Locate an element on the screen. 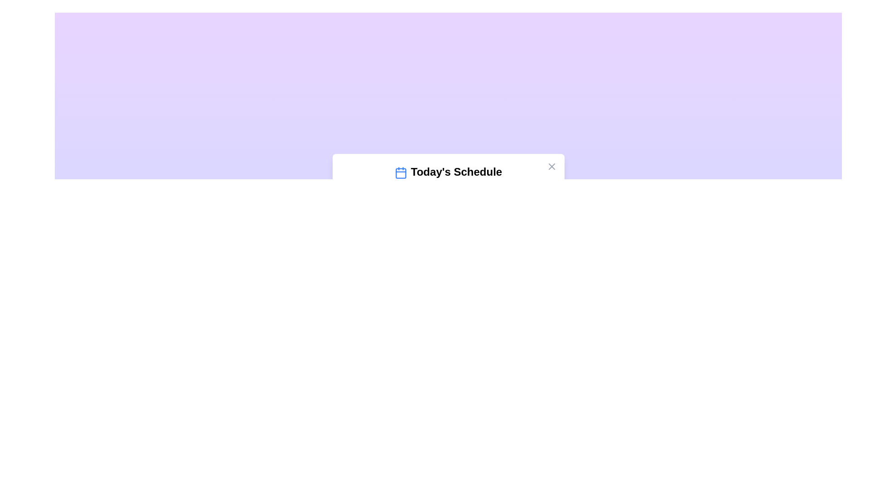 Image resolution: width=870 pixels, height=489 pixels. the calendar icon located to the left of the text 'Today's Schedule' for additional actions is located at coordinates (400, 173).